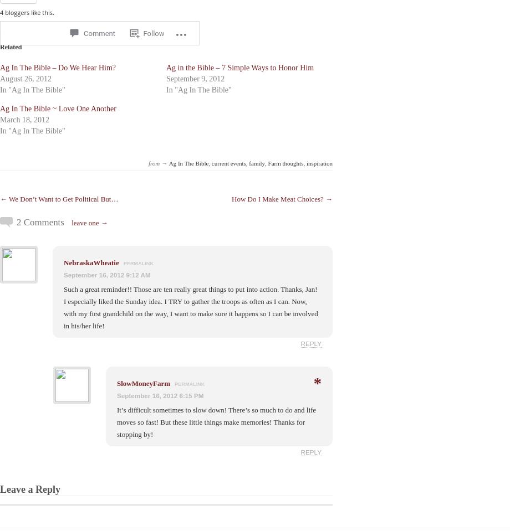  What do you see at coordinates (228, 162) in the screenshot?
I see `'current events'` at bounding box center [228, 162].